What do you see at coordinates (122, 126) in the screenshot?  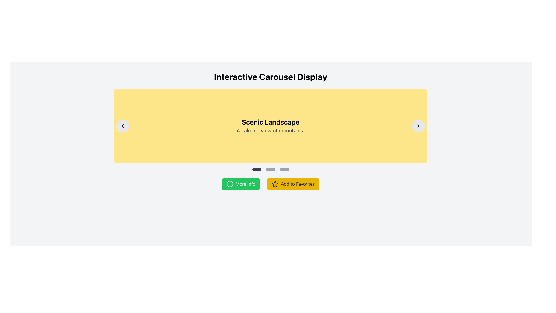 I see `the left-pointing chevron icon within the circular button on the left side of the yellow rectangular carousel` at bounding box center [122, 126].